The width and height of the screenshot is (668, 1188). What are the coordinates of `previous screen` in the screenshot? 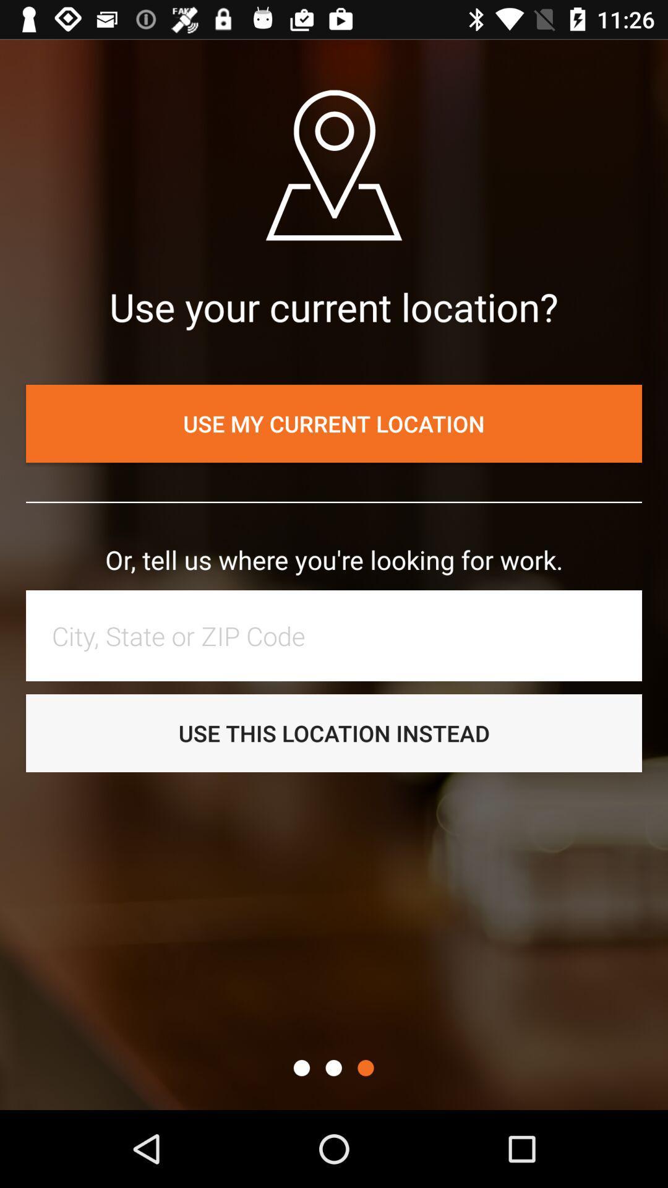 It's located at (333, 1067).